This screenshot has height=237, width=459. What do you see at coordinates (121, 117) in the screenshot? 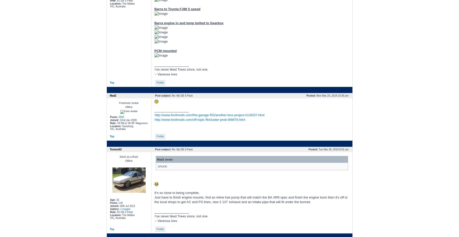
I see `'3905'` at bounding box center [121, 117].